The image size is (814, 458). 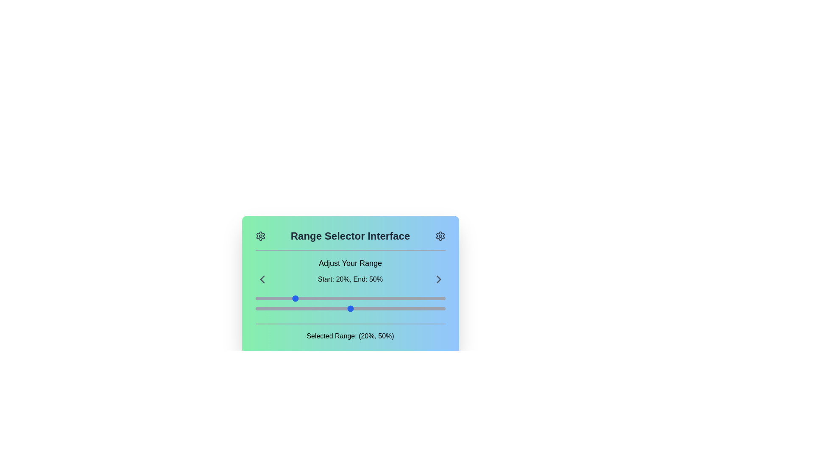 I want to click on the slider value, so click(x=418, y=309).